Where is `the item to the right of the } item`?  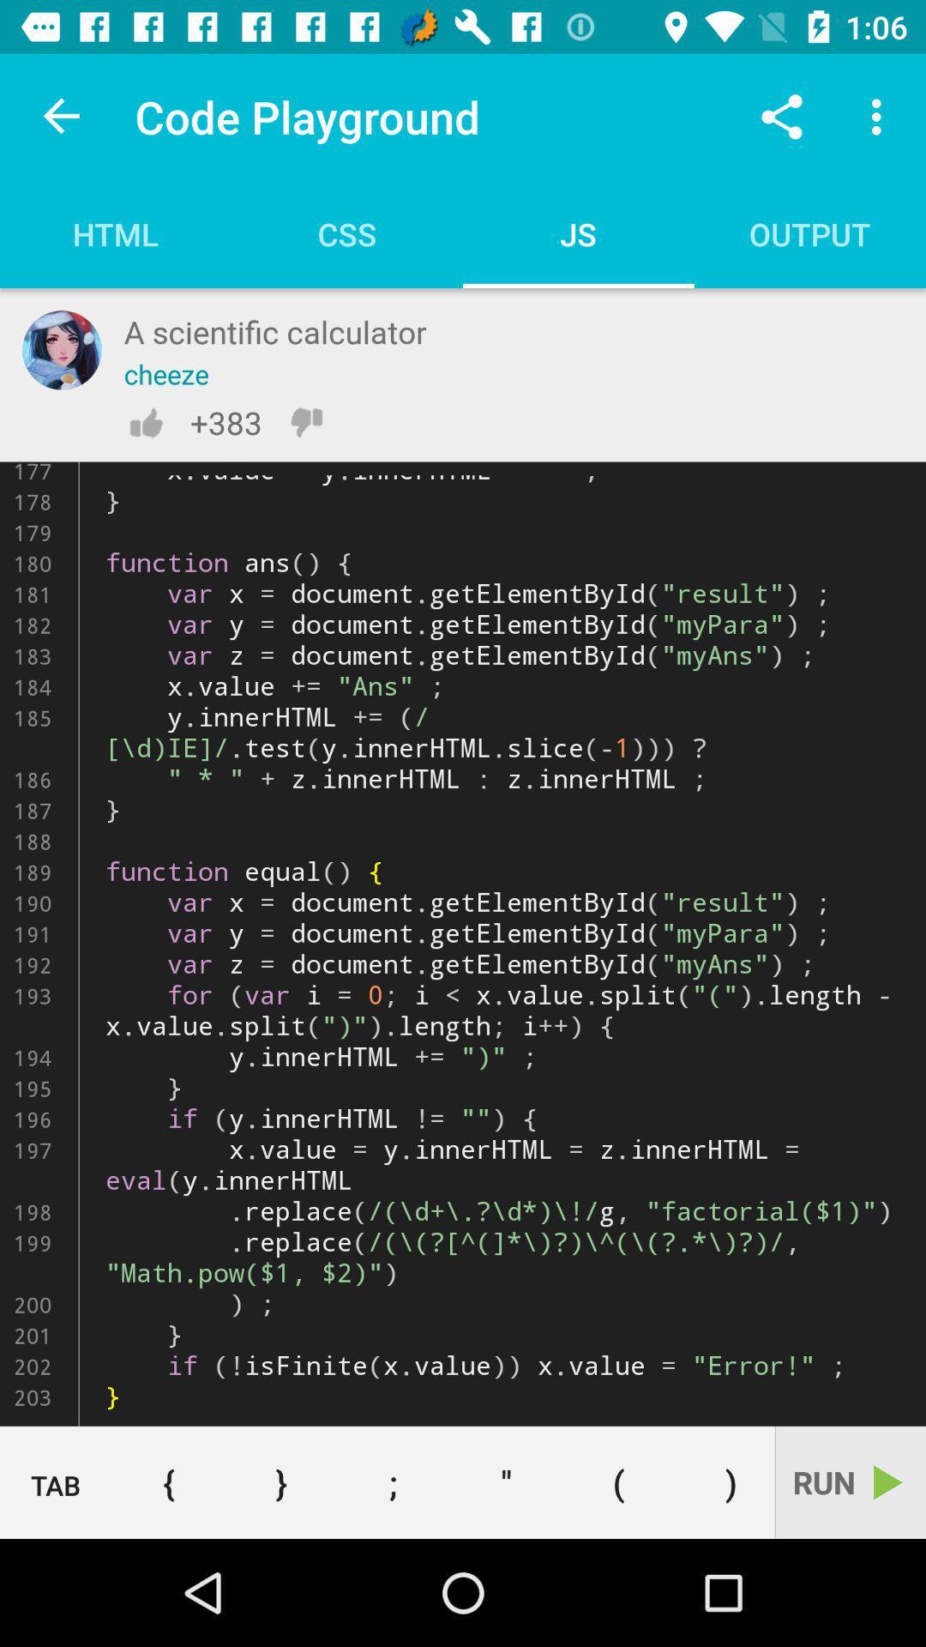 the item to the right of the } item is located at coordinates (394, 1481).